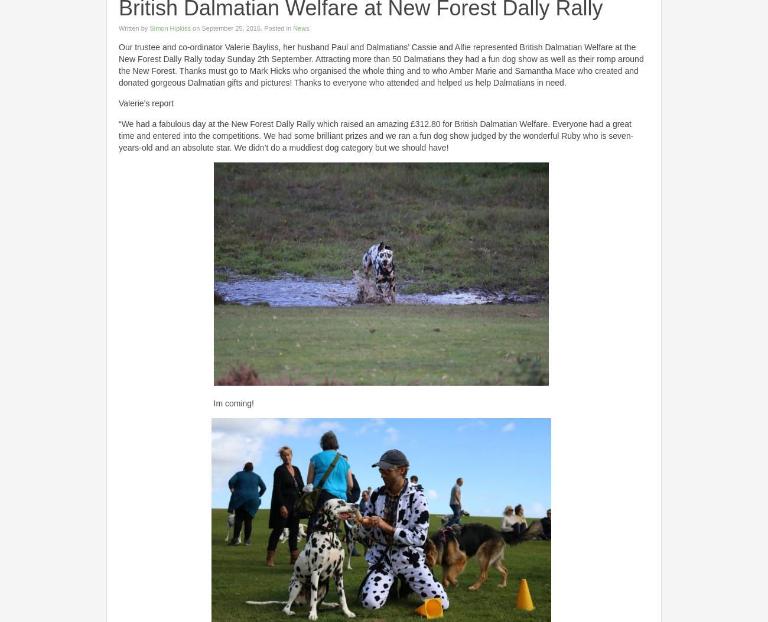  I want to click on '. Posted in', so click(276, 28).